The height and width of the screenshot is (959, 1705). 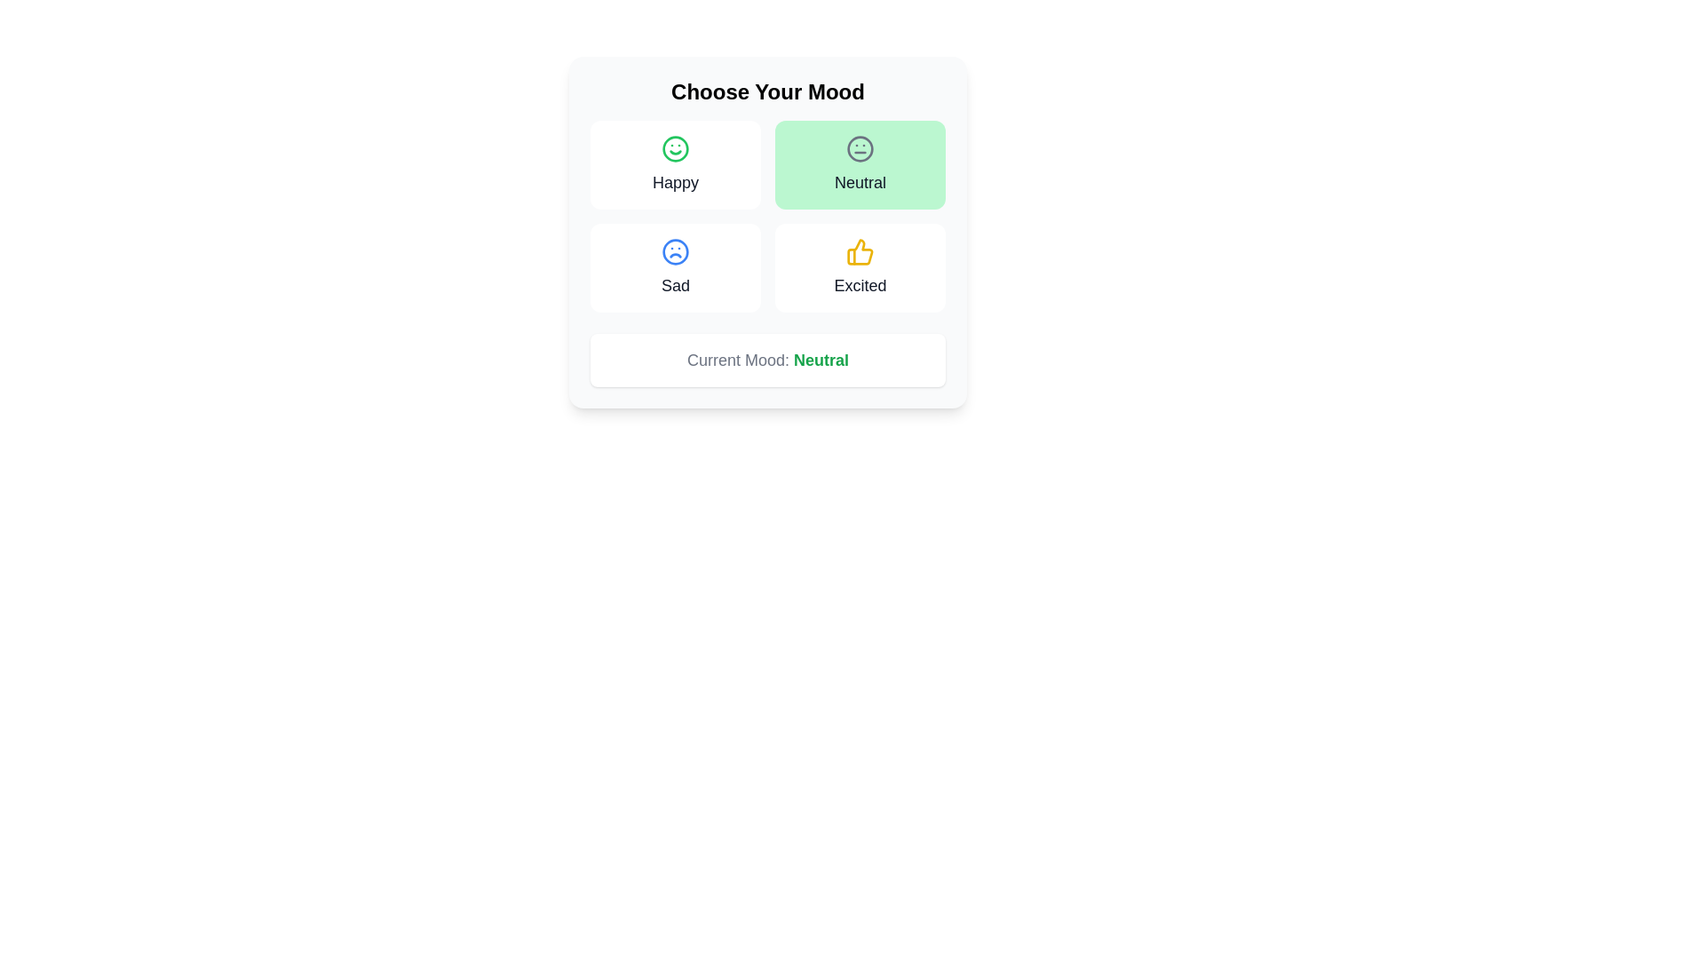 What do you see at coordinates (860, 148) in the screenshot?
I see `the neutral face icon, which is styled in gray and located at the top of the green box labeled 'Neutral' in the mood selector interface` at bounding box center [860, 148].